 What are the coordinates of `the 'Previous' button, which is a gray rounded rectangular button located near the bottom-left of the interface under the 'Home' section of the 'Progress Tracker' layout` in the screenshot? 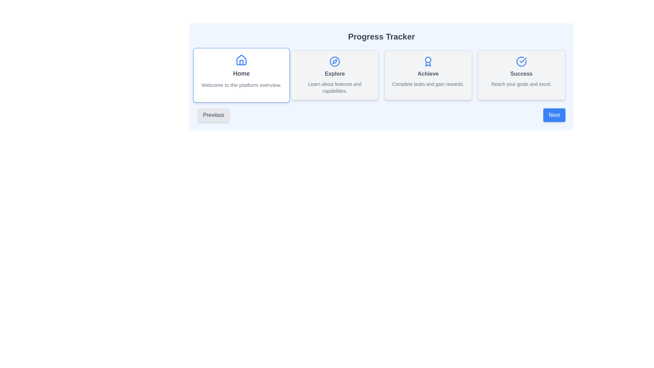 It's located at (213, 115).